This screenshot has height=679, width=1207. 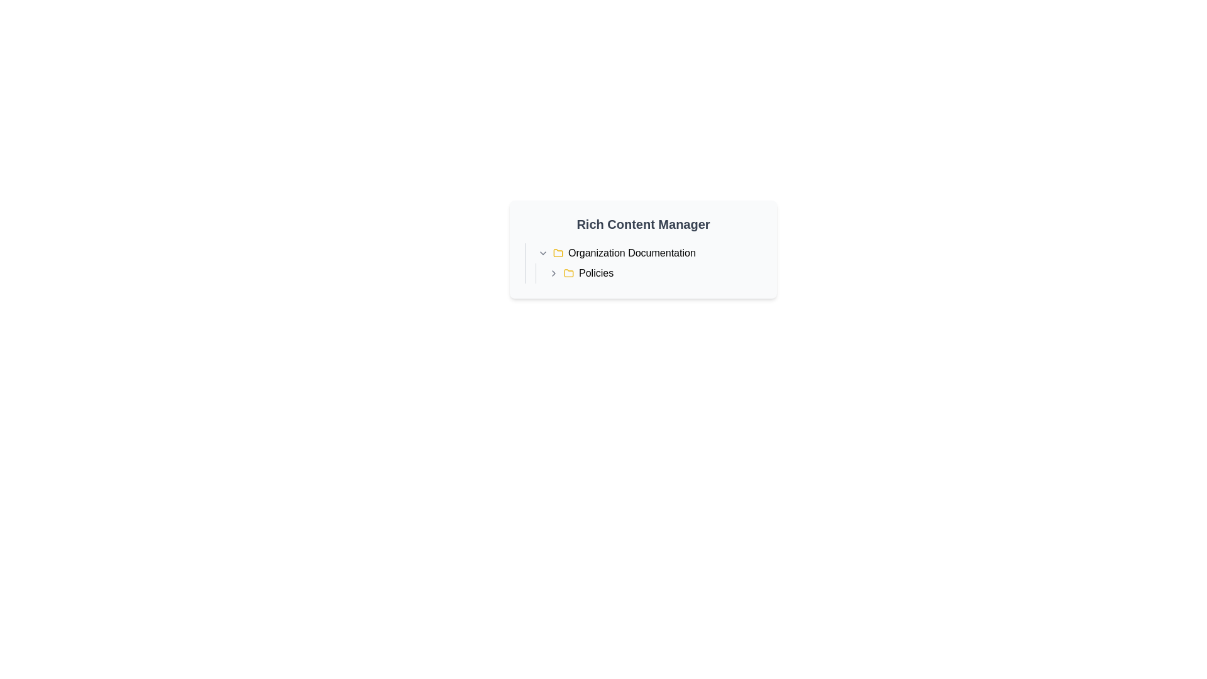 I want to click on the label for 'Organization Documentation', so click(x=632, y=253).